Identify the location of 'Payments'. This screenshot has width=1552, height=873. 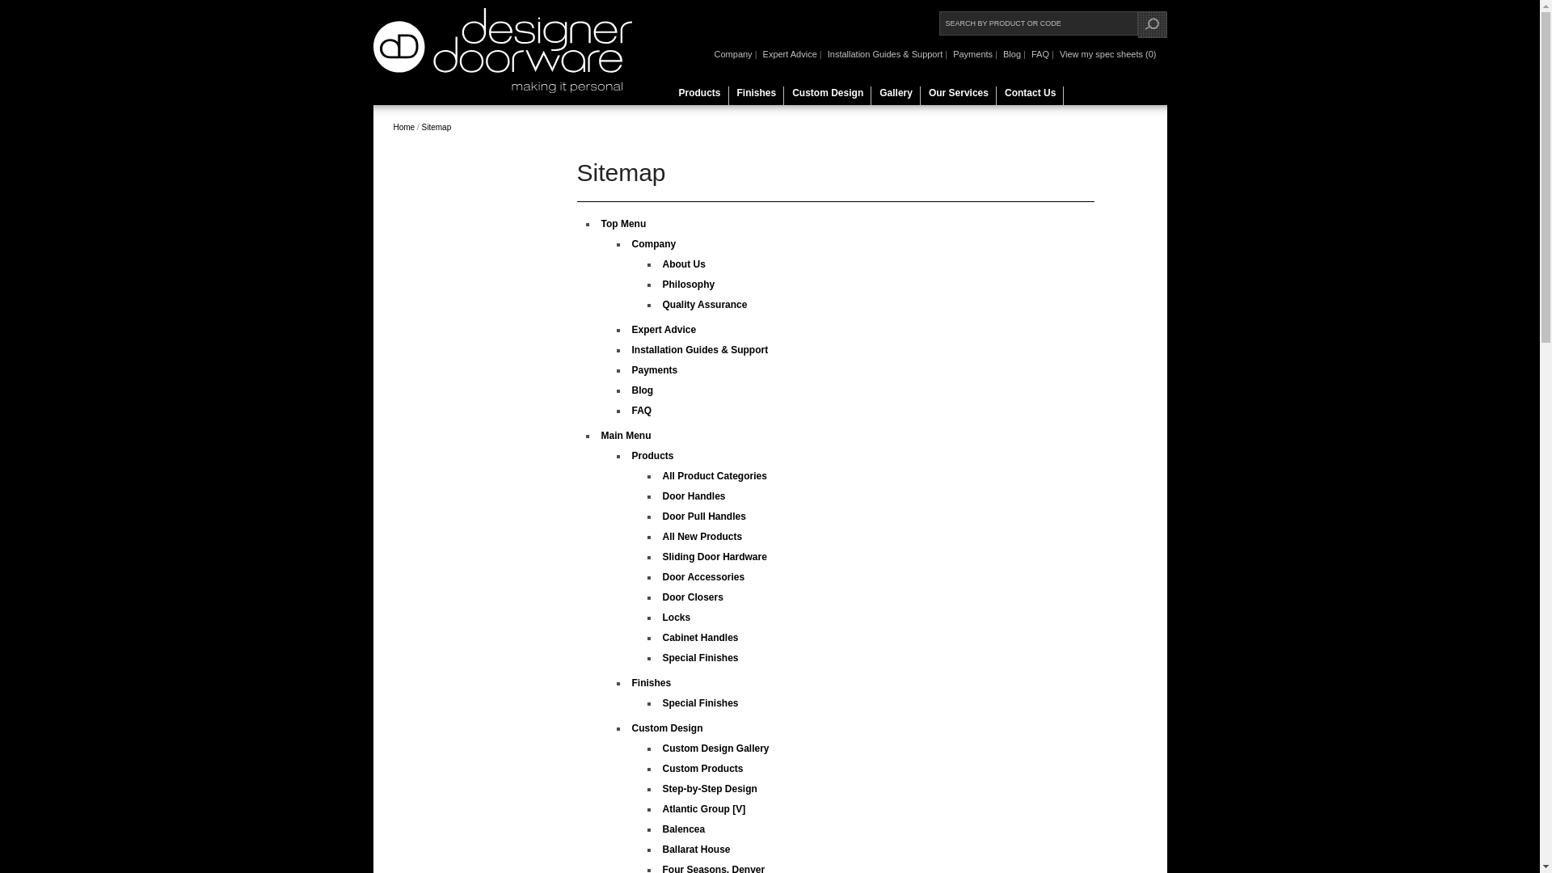
(631, 370).